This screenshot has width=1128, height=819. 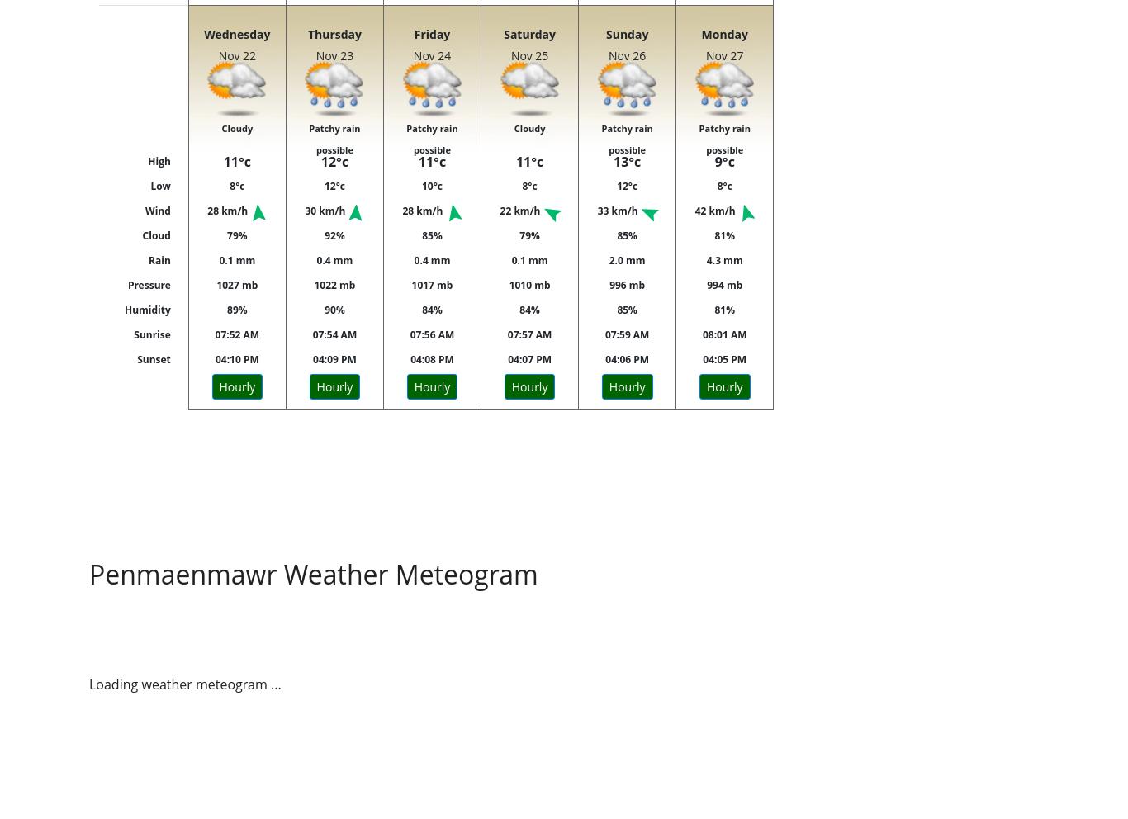 What do you see at coordinates (236, 55) in the screenshot?
I see `'Nov 22'` at bounding box center [236, 55].